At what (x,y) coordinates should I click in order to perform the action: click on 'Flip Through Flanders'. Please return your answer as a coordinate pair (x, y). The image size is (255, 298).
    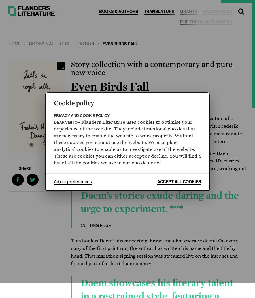
    Looking at the image, I should click on (180, 22).